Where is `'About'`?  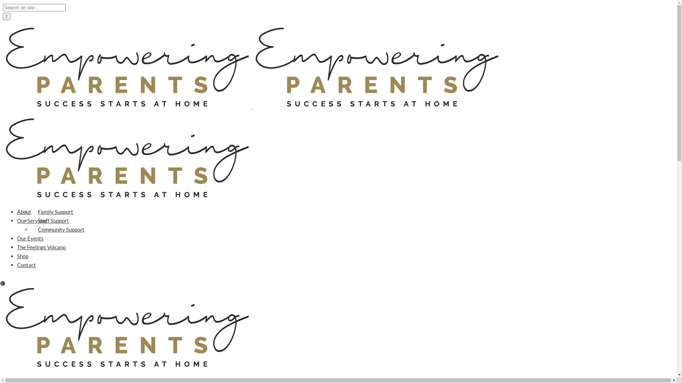 'About' is located at coordinates (17, 211).